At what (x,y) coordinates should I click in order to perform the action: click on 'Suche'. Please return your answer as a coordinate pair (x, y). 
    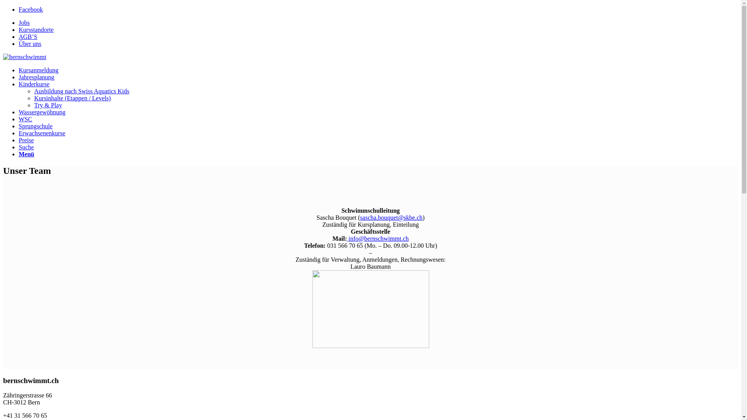
    Looking at the image, I should click on (26, 147).